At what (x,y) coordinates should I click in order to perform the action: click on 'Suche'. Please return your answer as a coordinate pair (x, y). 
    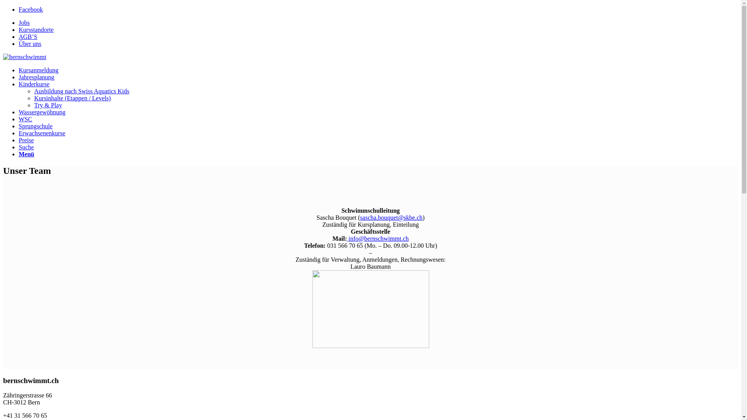
    Looking at the image, I should click on (26, 147).